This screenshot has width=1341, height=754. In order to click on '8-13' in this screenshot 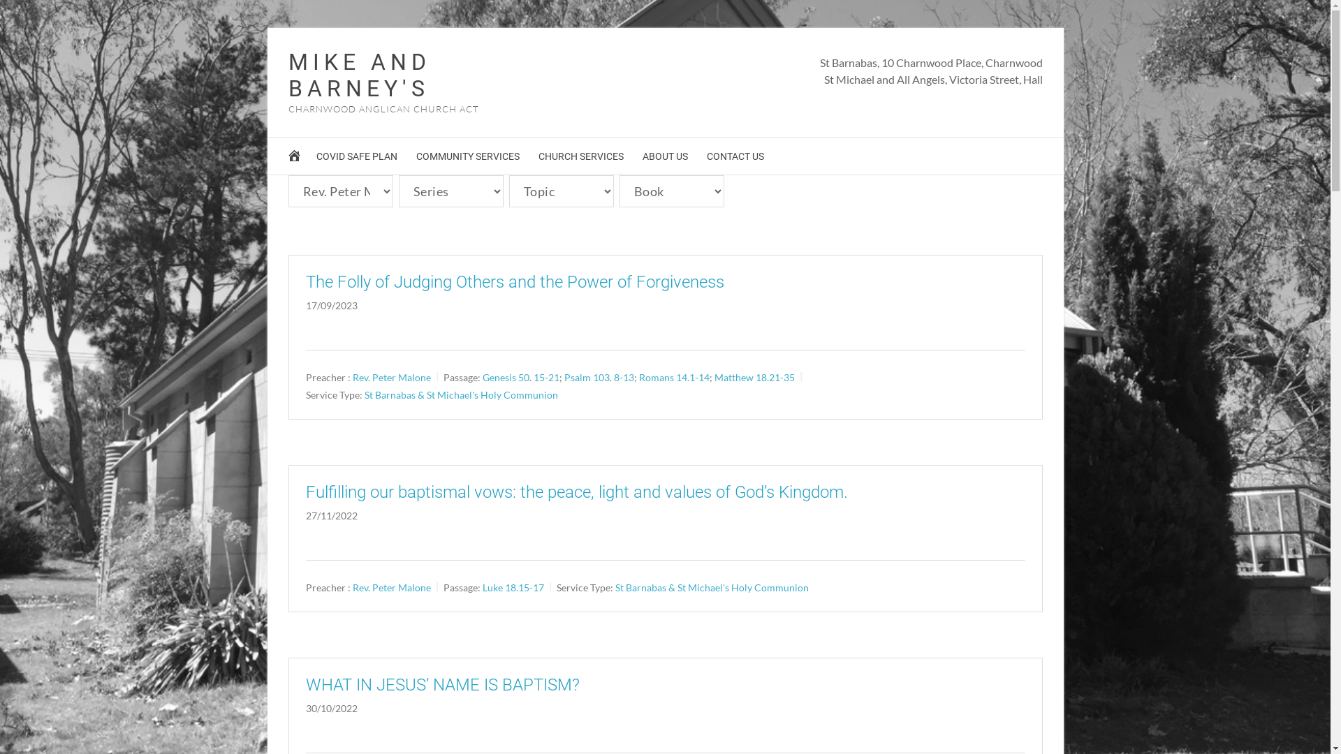, I will do `click(613, 377)`.